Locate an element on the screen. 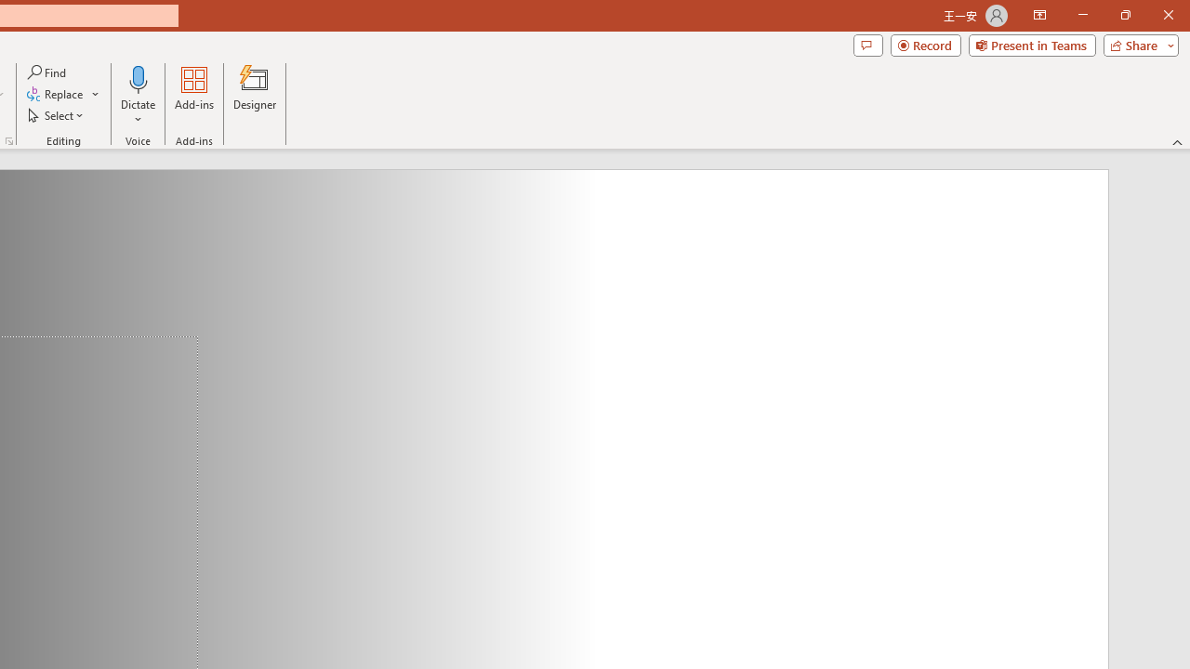  'Select' is located at coordinates (57, 115).